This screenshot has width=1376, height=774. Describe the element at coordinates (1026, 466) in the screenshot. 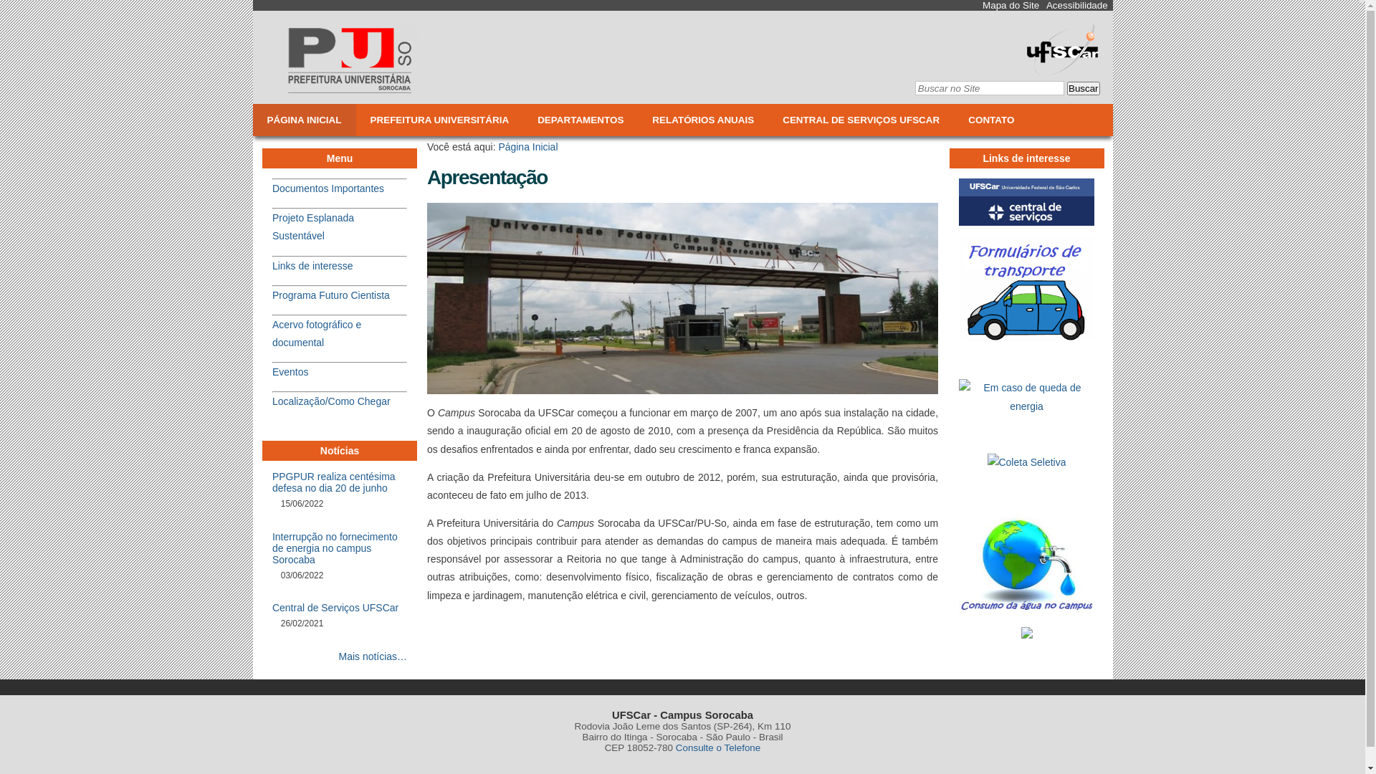

I see `'Coleta Seletiva'` at that location.